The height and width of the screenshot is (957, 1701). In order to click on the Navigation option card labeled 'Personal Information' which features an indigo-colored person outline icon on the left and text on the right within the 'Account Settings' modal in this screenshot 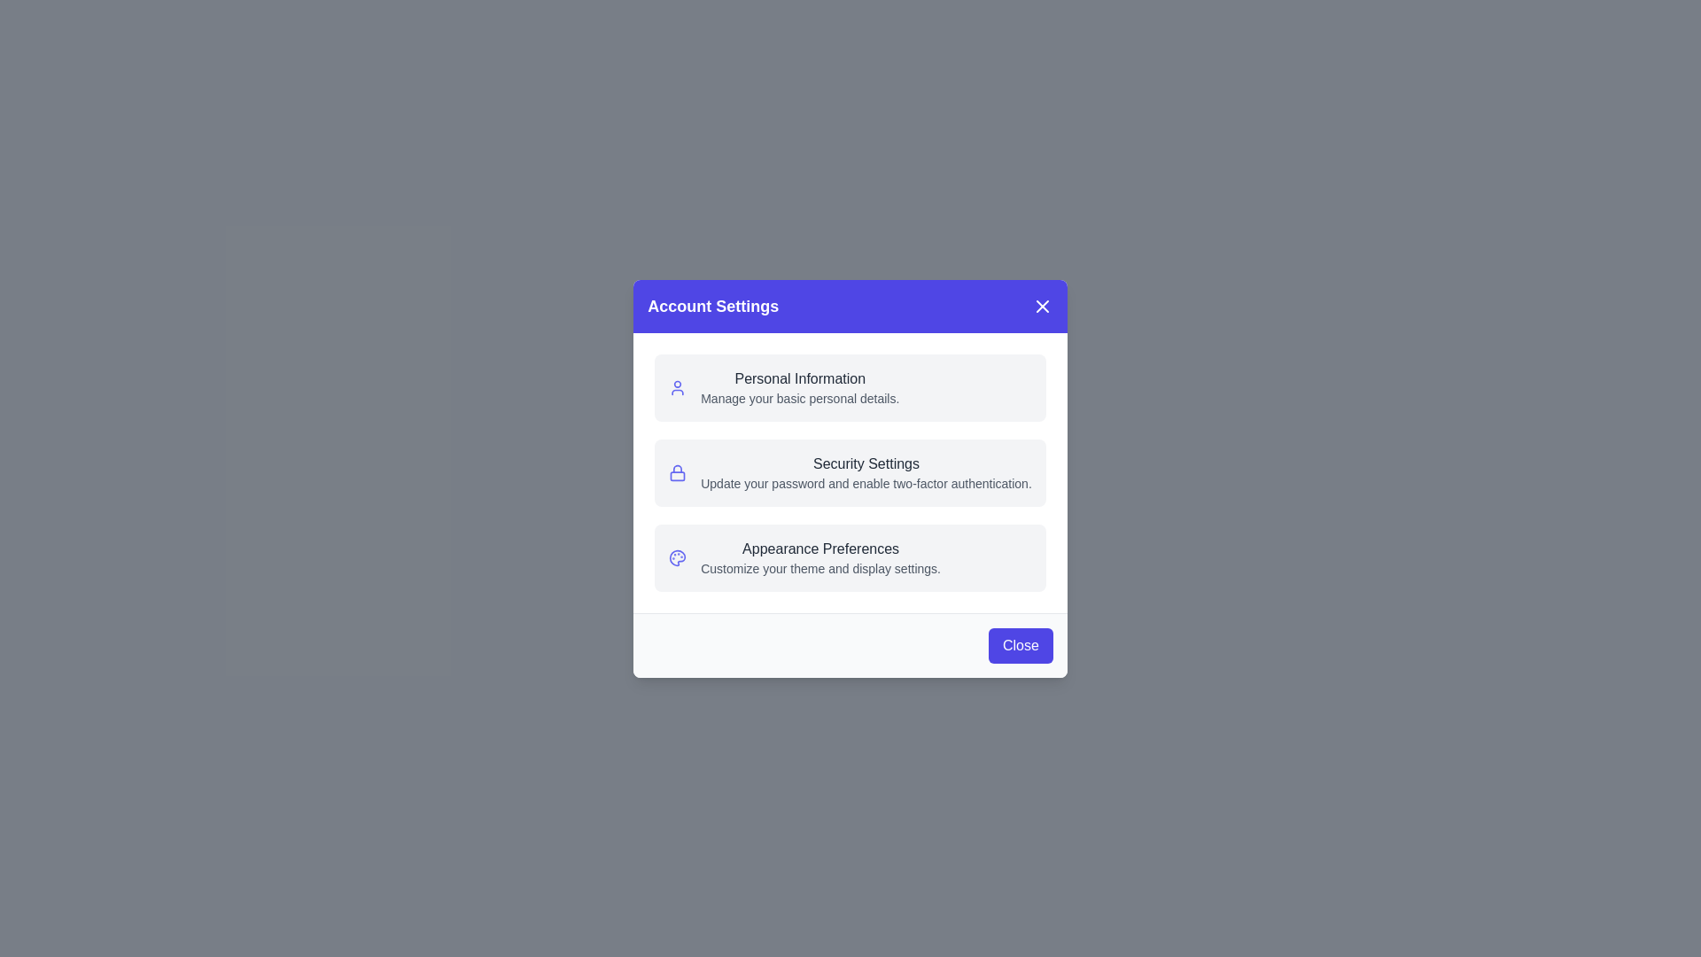, I will do `click(850, 386)`.